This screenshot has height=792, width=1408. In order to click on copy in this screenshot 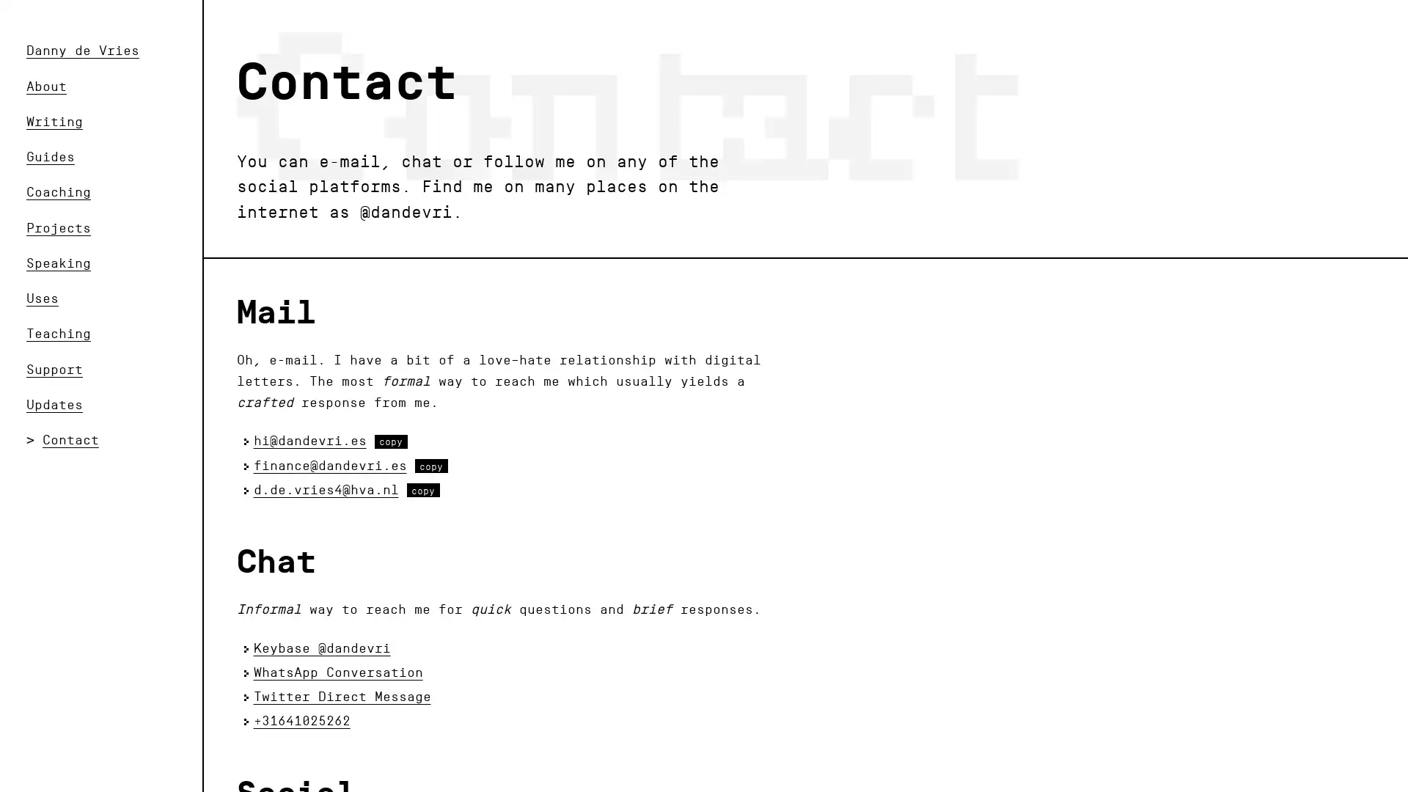, I will do `click(430, 466)`.